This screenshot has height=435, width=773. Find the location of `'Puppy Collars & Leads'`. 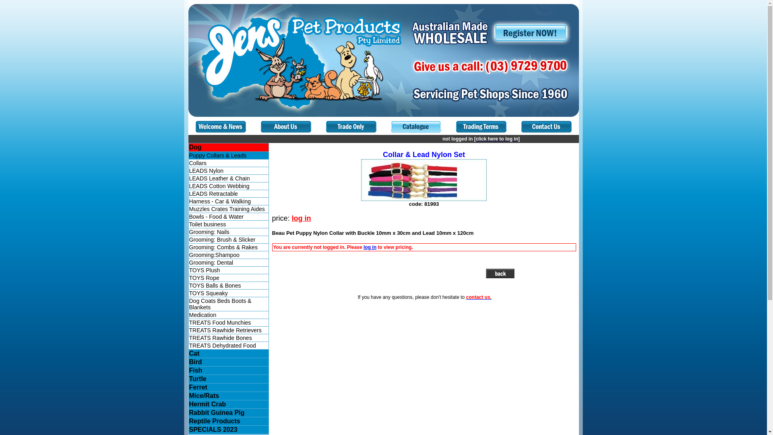

'Puppy Collars & Leads' is located at coordinates (218, 155).